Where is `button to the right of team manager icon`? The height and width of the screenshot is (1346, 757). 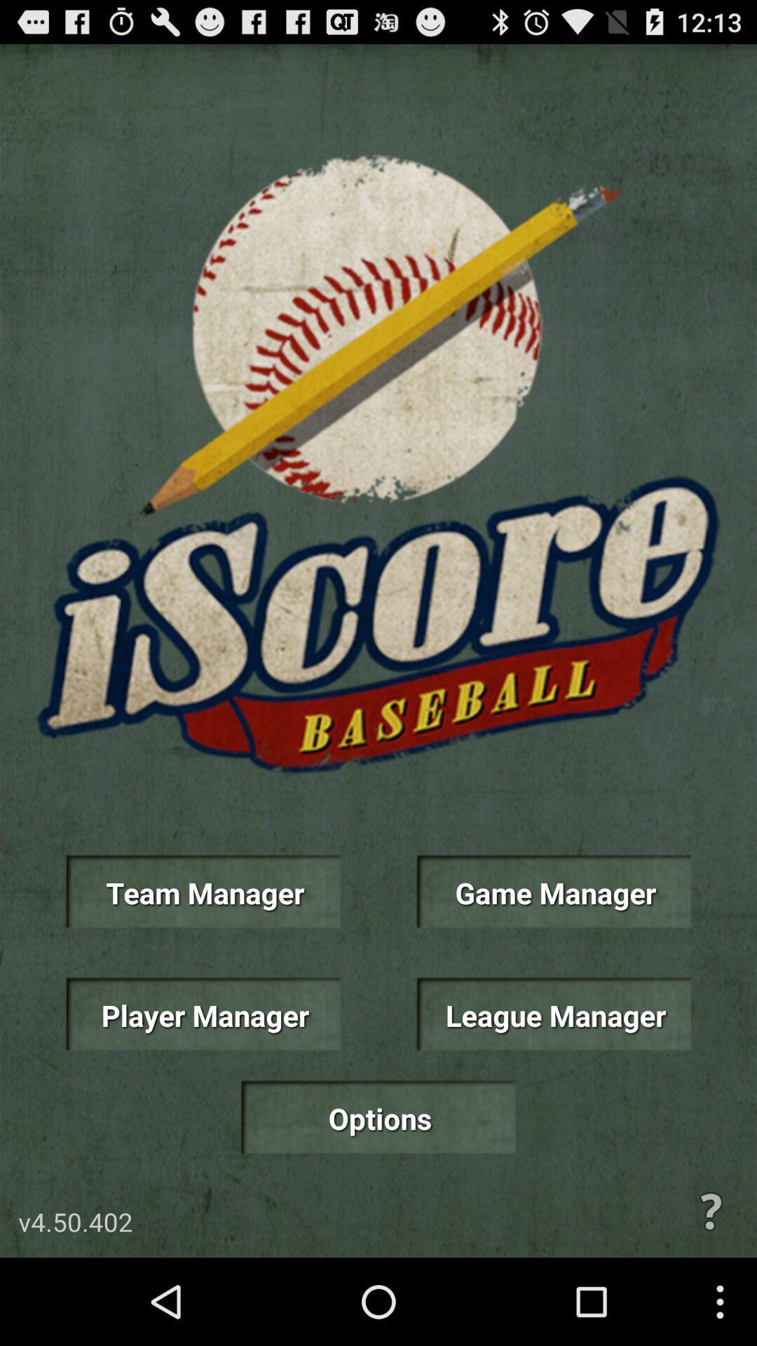
button to the right of team manager icon is located at coordinates (553, 891).